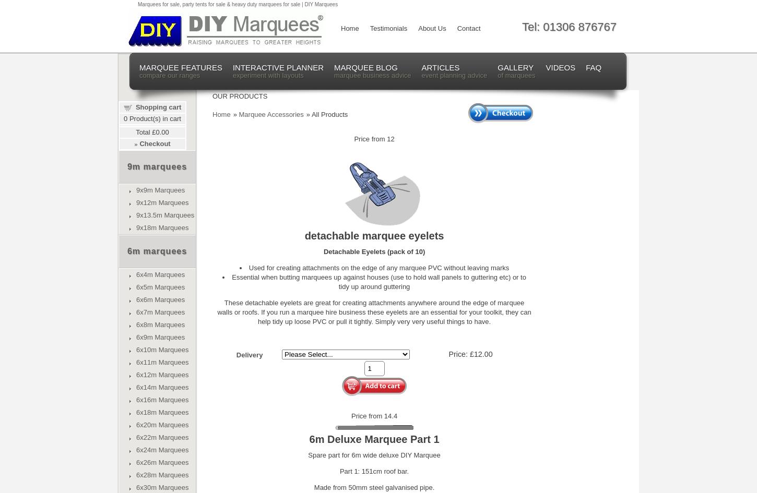  Describe the element at coordinates (157, 250) in the screenshot. I see `'6m marquees'` at that location.